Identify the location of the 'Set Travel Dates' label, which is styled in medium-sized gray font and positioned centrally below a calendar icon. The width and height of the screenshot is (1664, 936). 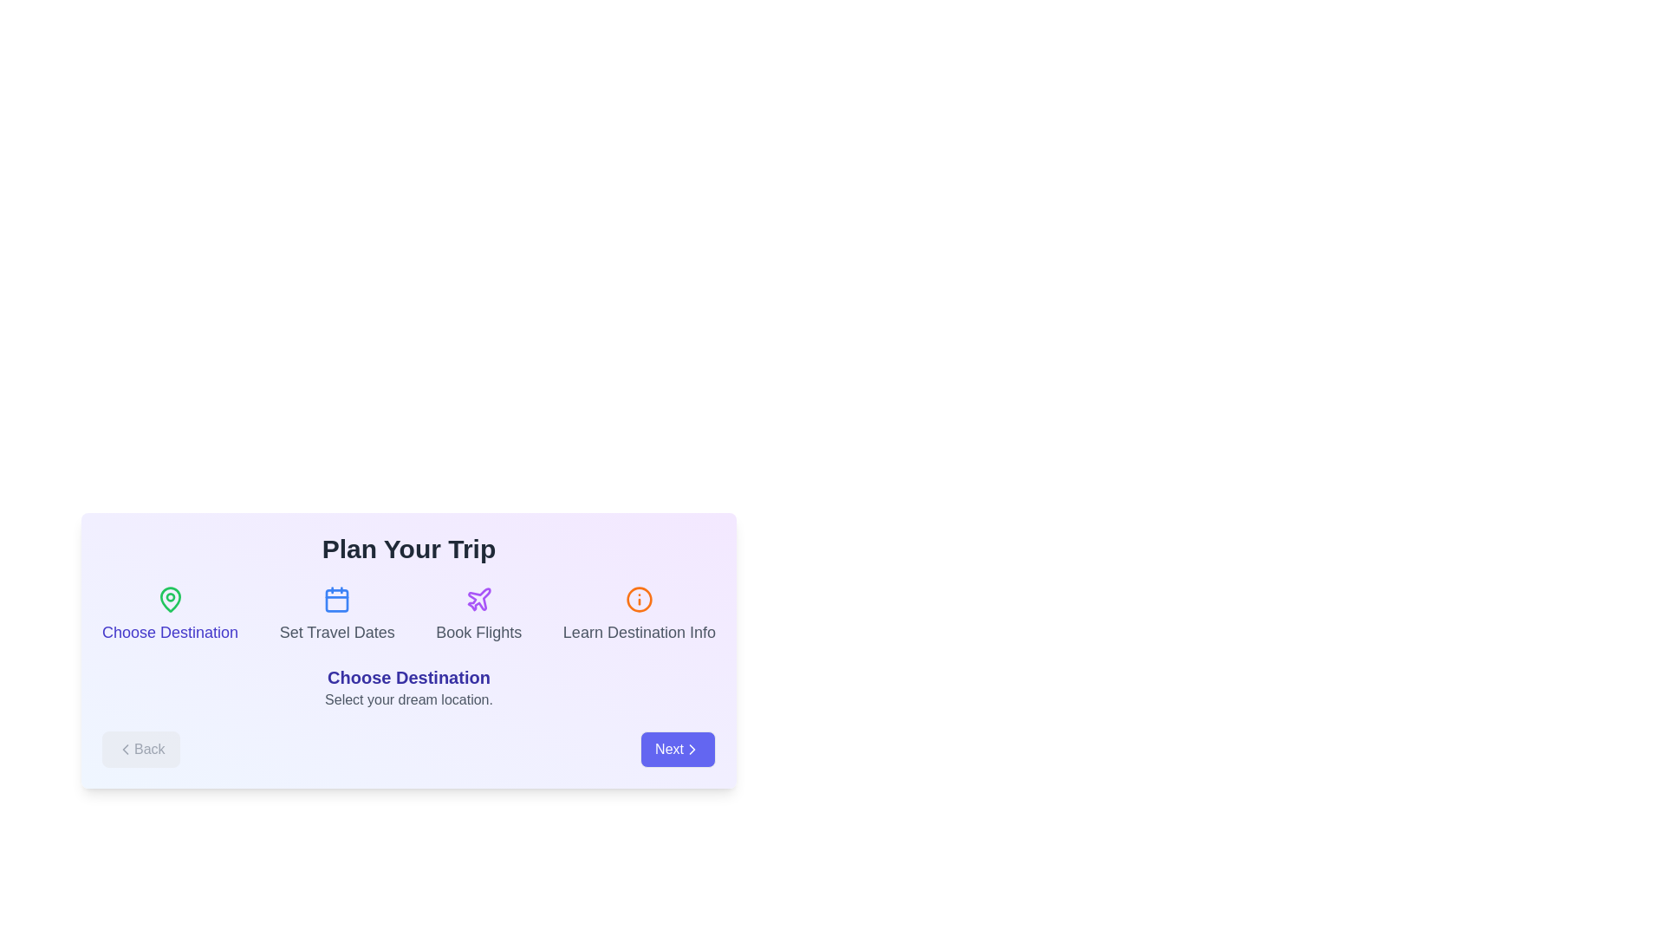
(337, 632).